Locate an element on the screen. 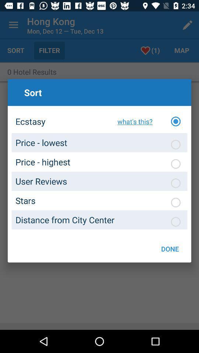  article is located at coordinates (175, 221).